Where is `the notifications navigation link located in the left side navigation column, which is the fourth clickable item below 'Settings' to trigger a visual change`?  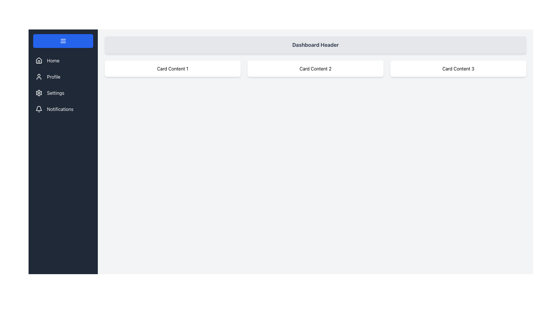 the notifications navigation link located in the left side navigation column, which is the fourth clickable item below 'Settings' to trigger a visual change is located at coordinates (63, 109).